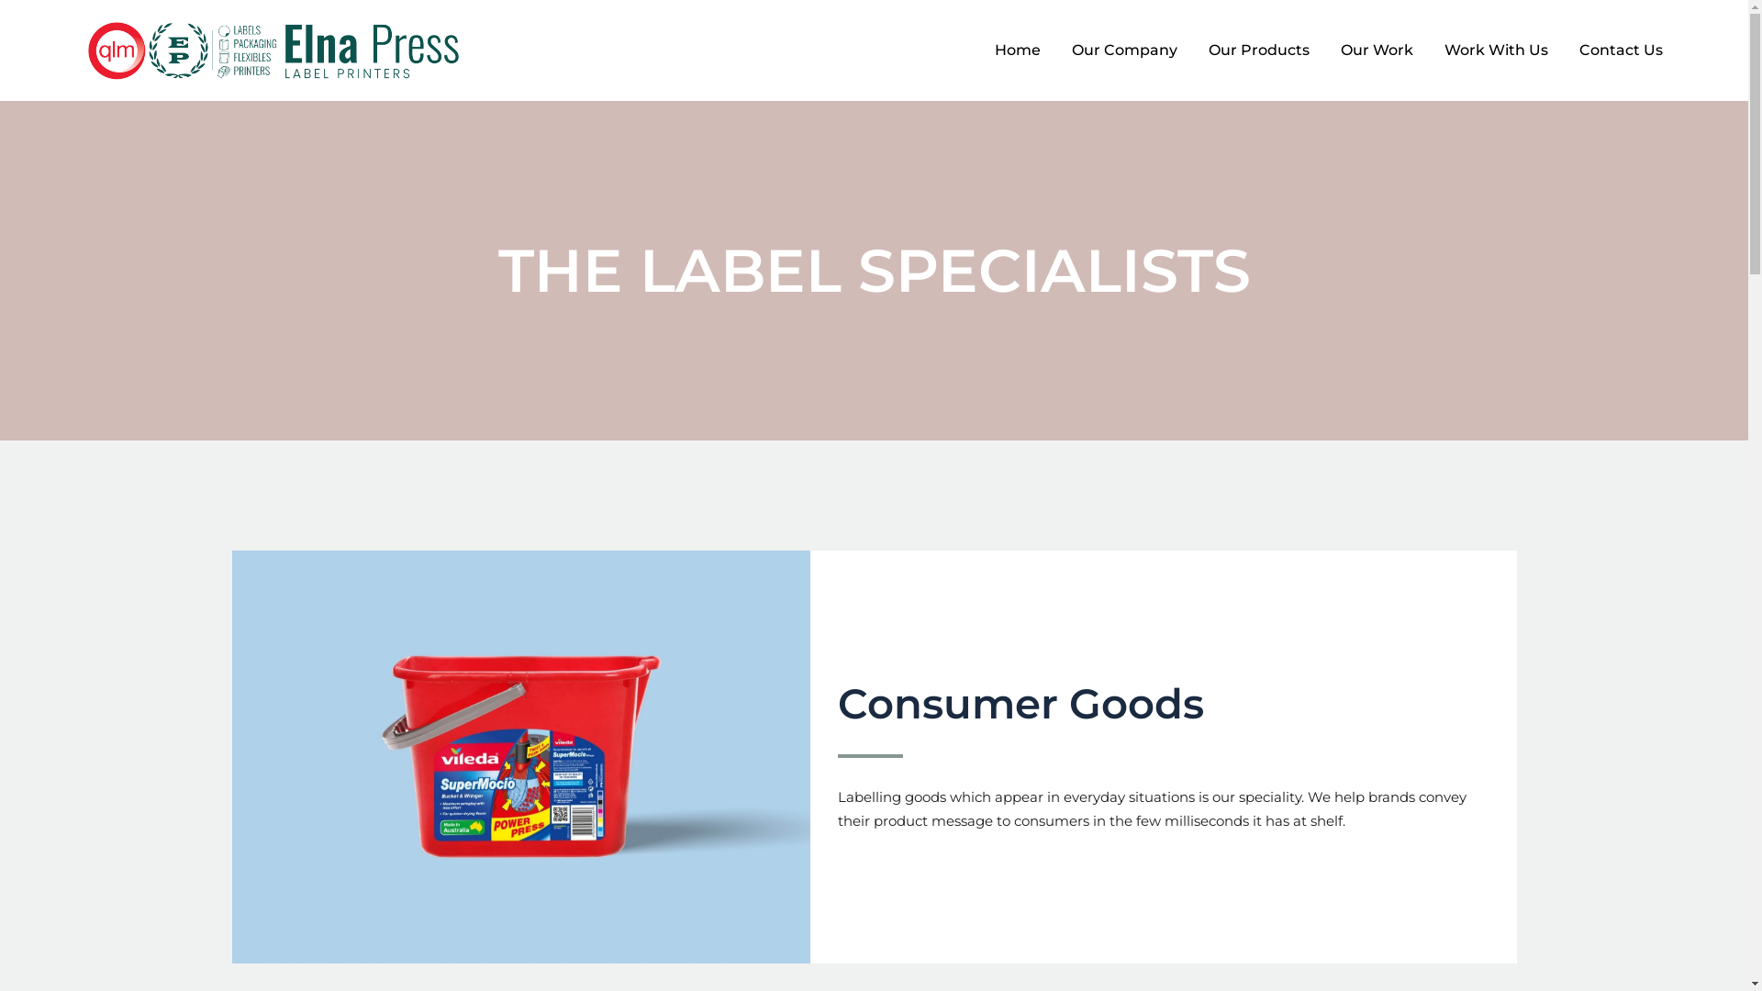 Image resolution: width=1762 pixels, height=991 pixels. I want to click on 'Home', so click(1016, 49).